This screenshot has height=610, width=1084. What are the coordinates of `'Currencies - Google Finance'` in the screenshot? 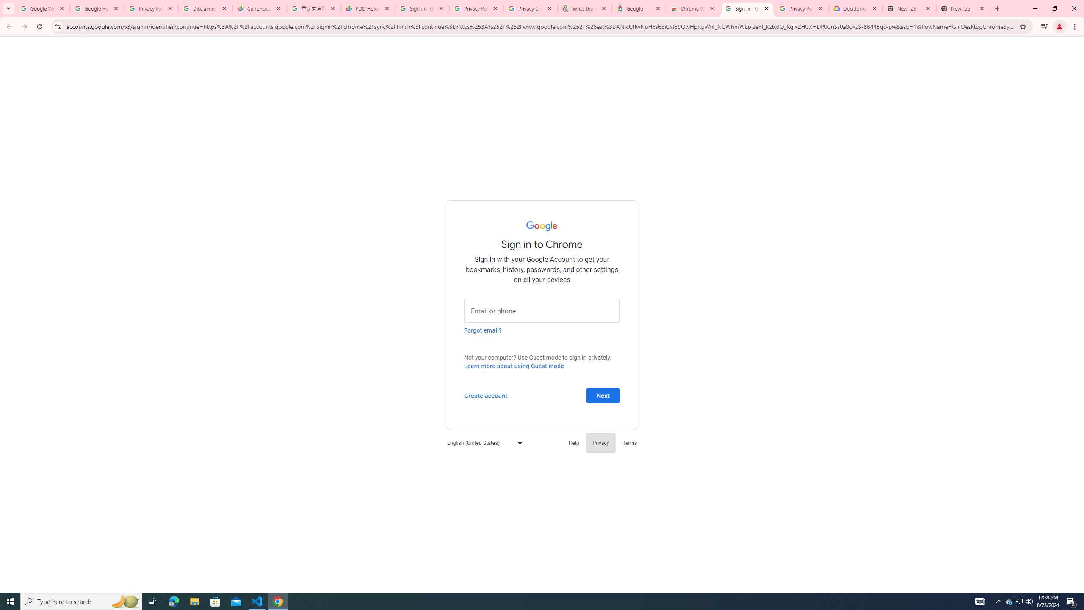 It's located at (259, 8).